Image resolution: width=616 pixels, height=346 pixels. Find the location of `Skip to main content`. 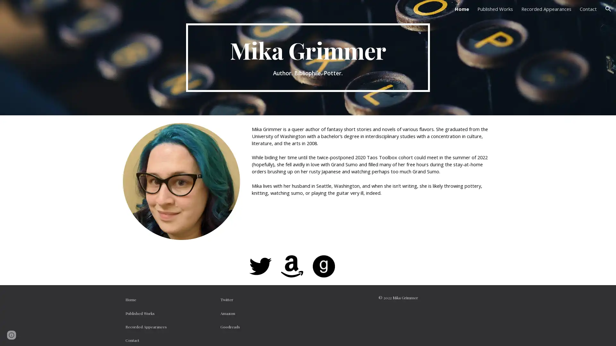

Skip to main content is located at coordinates (252, 12).